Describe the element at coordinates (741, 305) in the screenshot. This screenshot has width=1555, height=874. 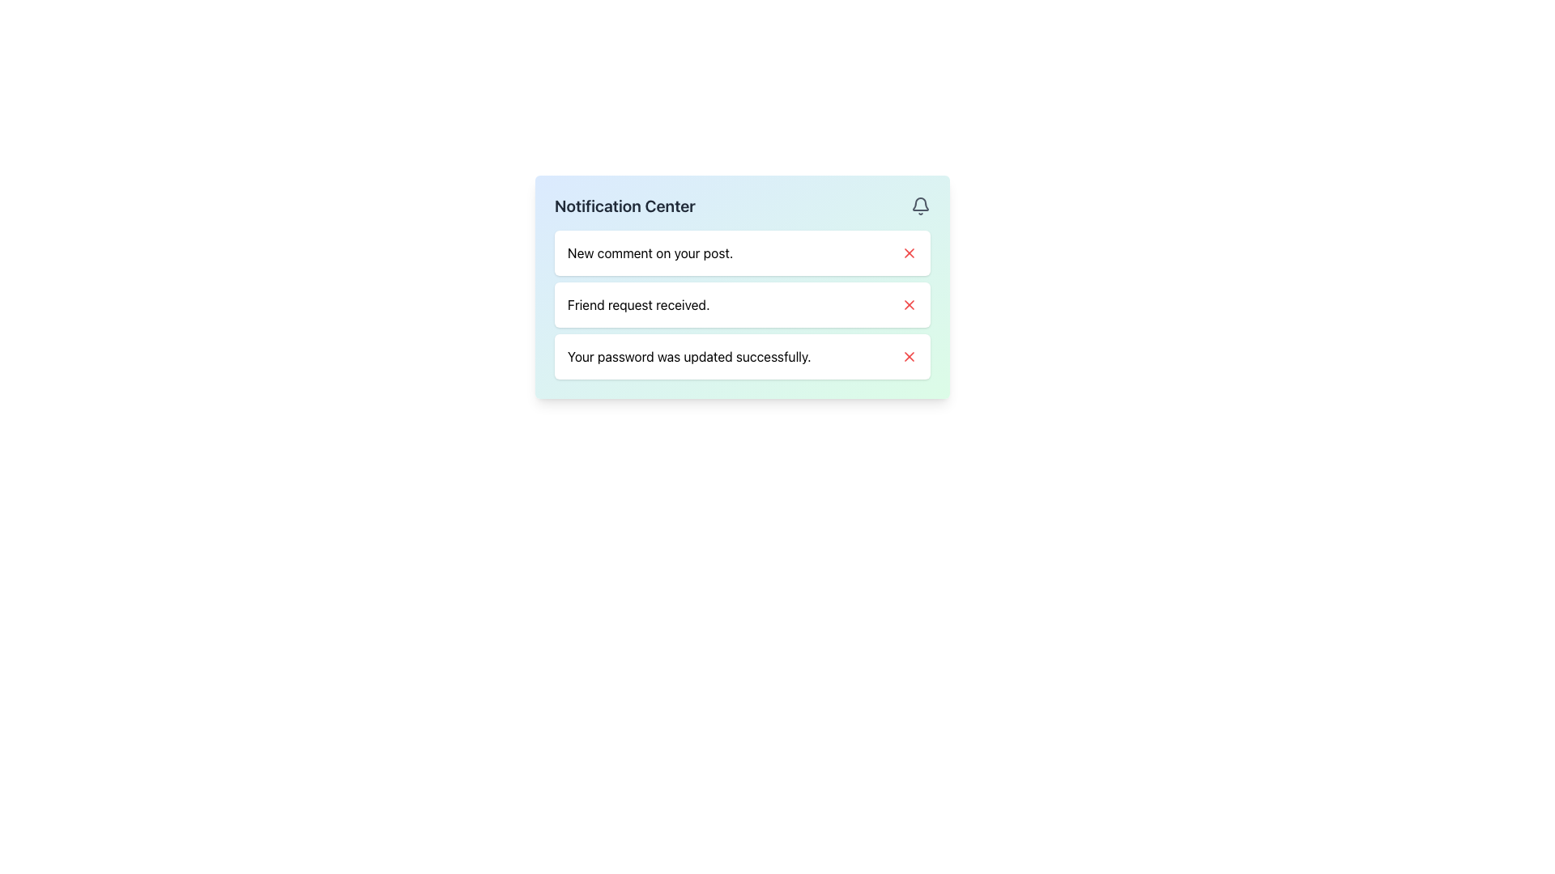
I see `the second notification card in the Notification Center that displays 'Friend request received.'` at that location.